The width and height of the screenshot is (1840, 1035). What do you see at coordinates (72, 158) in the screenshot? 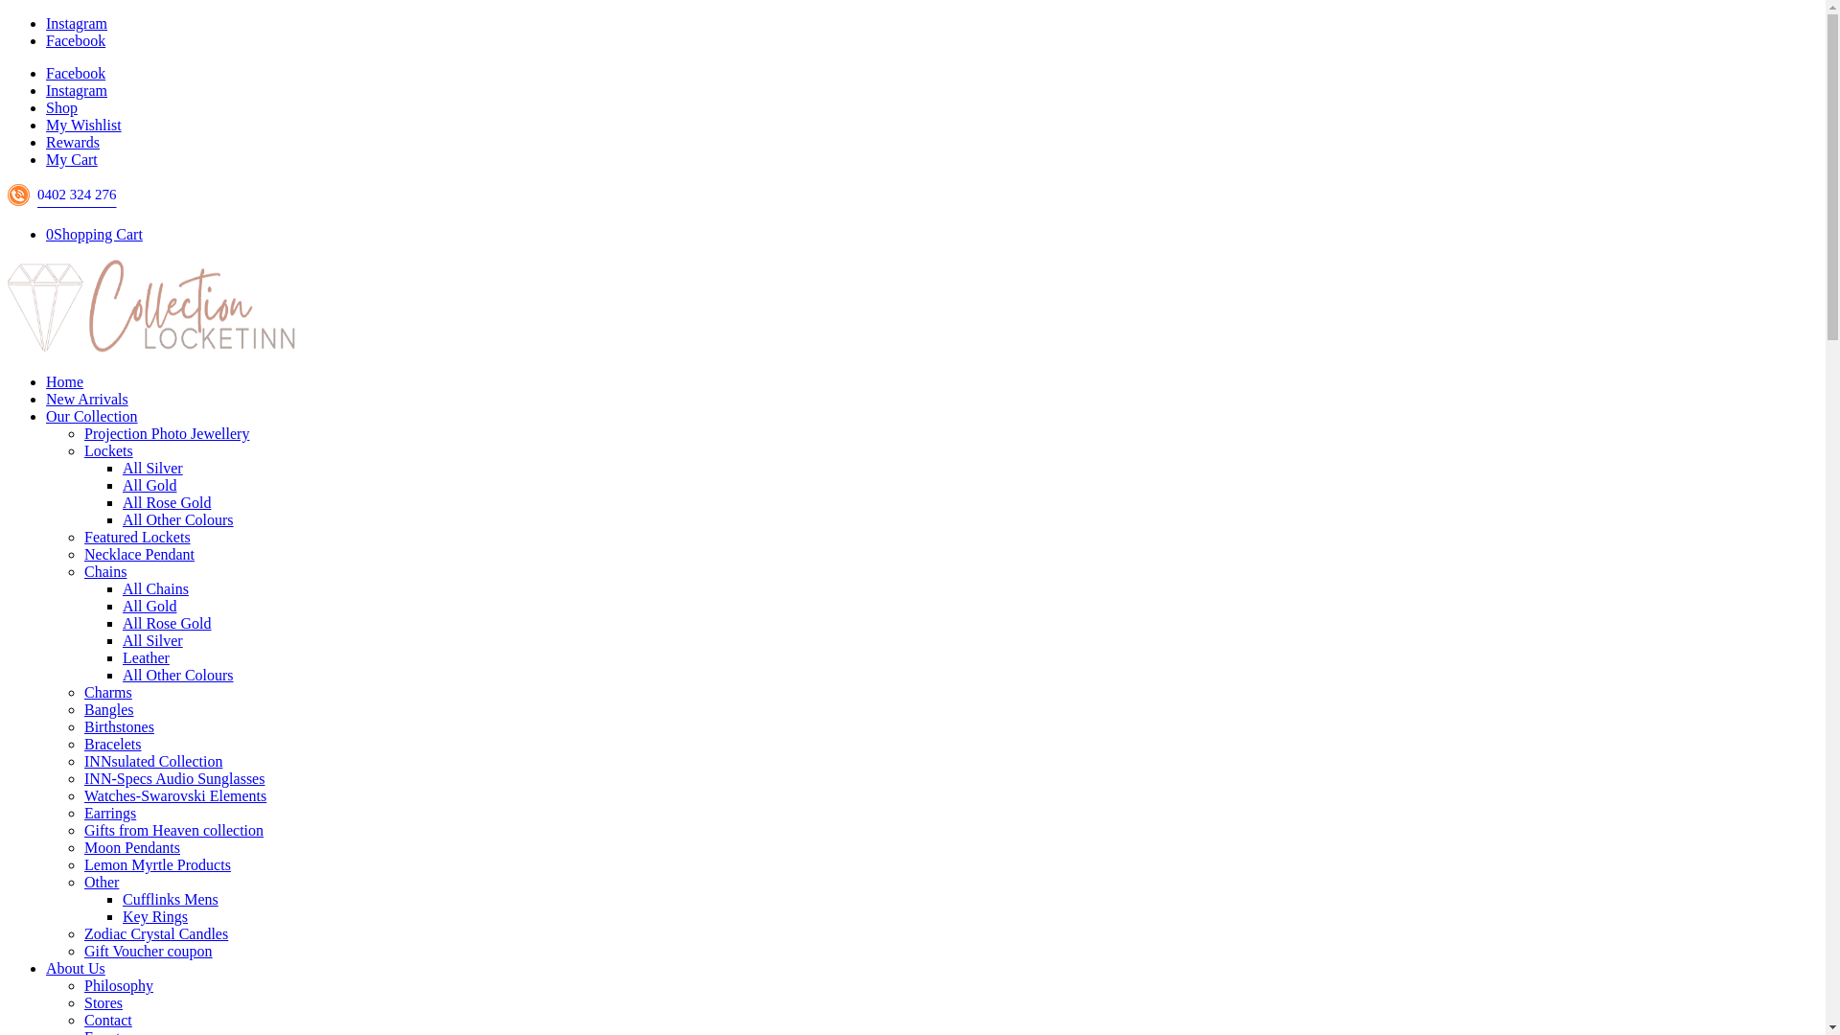
I see `'My Cart'` at bounding box center [72, 158].